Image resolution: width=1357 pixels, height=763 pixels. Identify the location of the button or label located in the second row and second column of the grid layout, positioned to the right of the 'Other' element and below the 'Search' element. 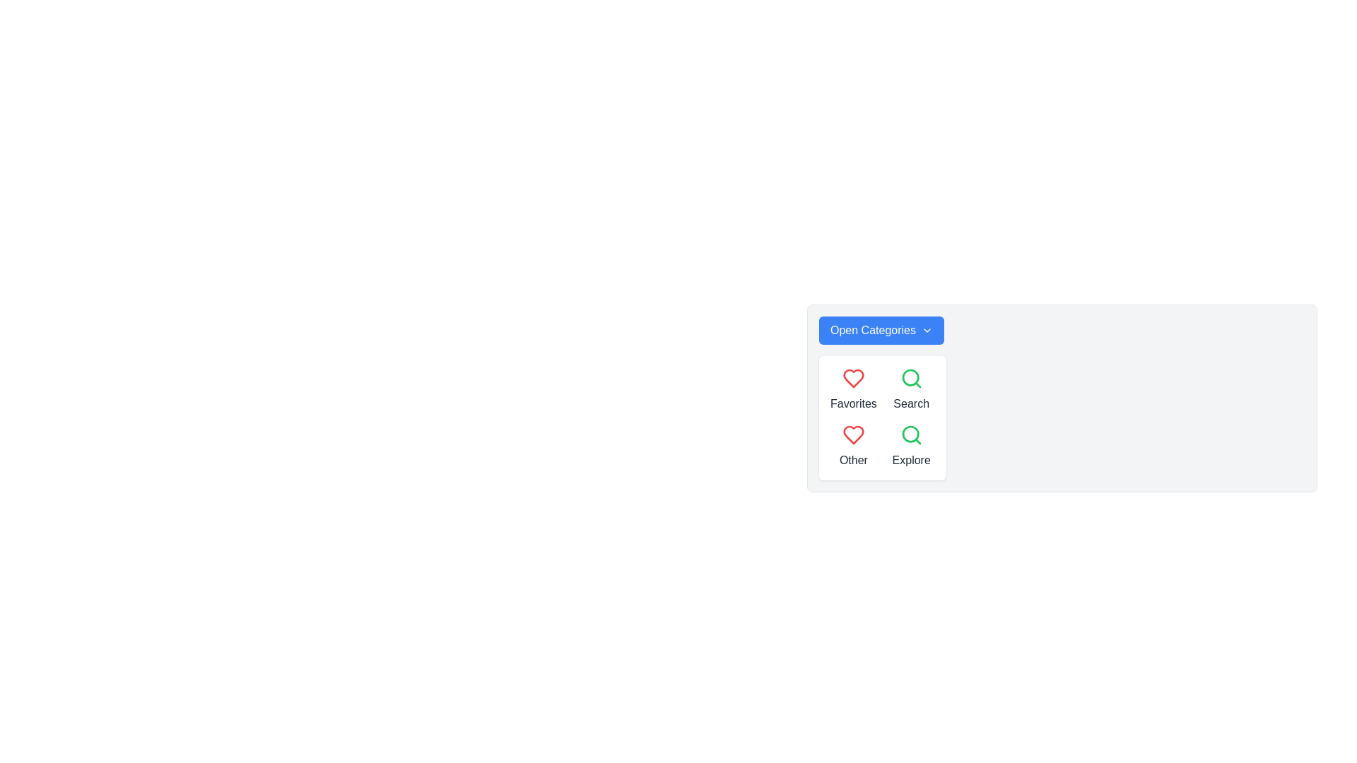
(911, 446).